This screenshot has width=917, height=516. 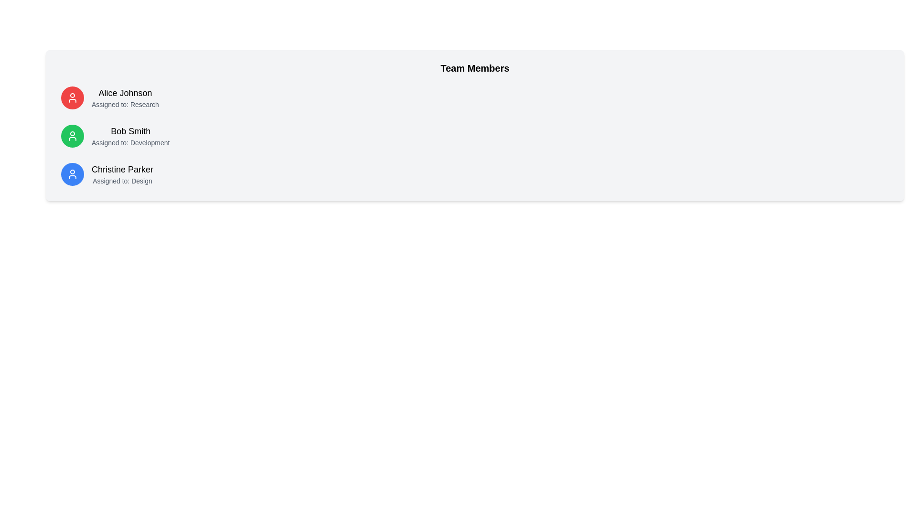 What do you see at coordinates (72, 97) in the screenshot?
I see `the circular user avatar icon with a red background and white user figure, located` at bounding box center [72, 97].